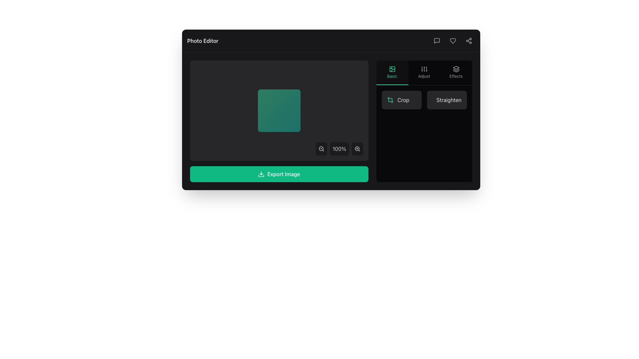 The height and width of the screenshot is (359, 639). What do you see at coordinates (456, 69) in the screenshot?
I see `the icon depicting stacked layers located in the upper section of the rightmost vertical menu group labeled 'Effects.'` at bounding box center [456, 69].